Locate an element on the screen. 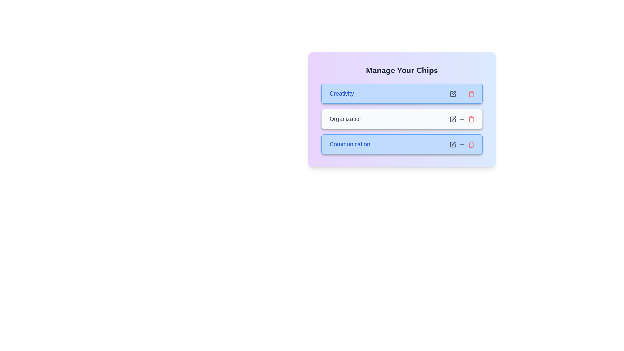 The height and width of the screenshot is (351, 624). the chip item labeled 'Organization' to observe visual feedback is located at coordinates (402, 119).